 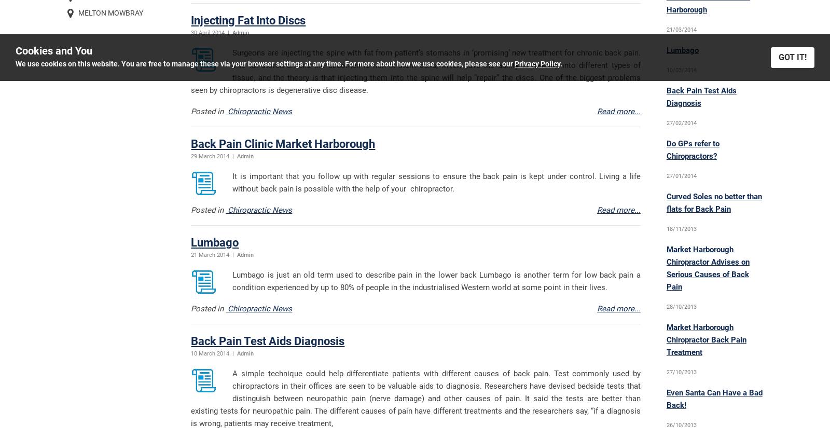 I want to click on '.', so click(x=561, y=63).